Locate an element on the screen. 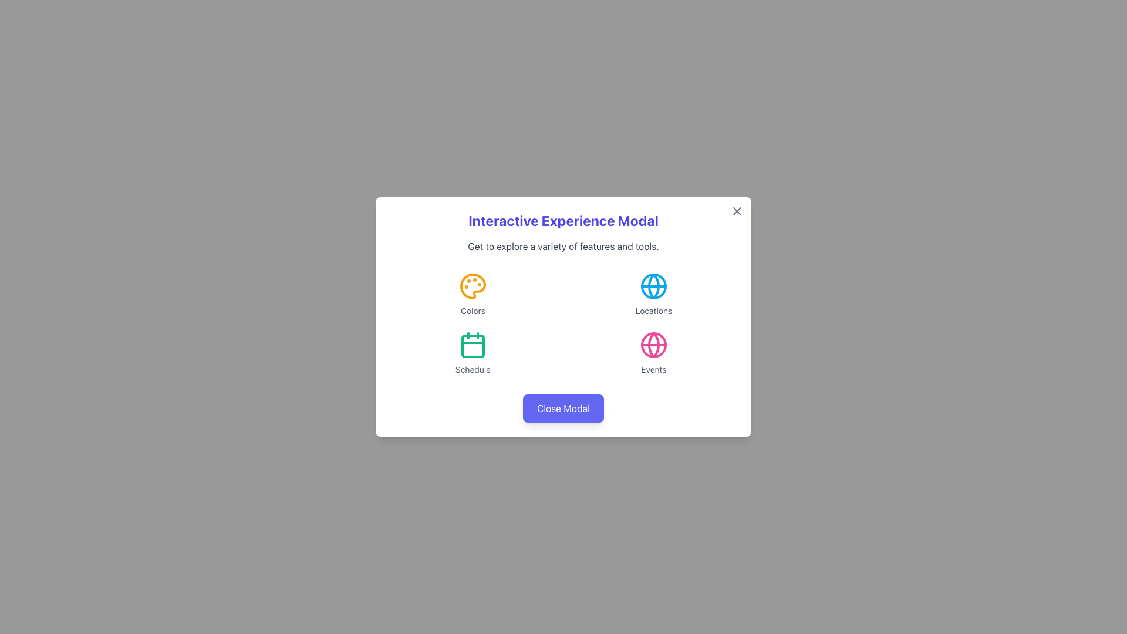 The image size is (1127, 634). the contents of the 'Schedule' icon button located in the second row, first column of the grid layout within the modal dialog is located at coordinates (473, 352).